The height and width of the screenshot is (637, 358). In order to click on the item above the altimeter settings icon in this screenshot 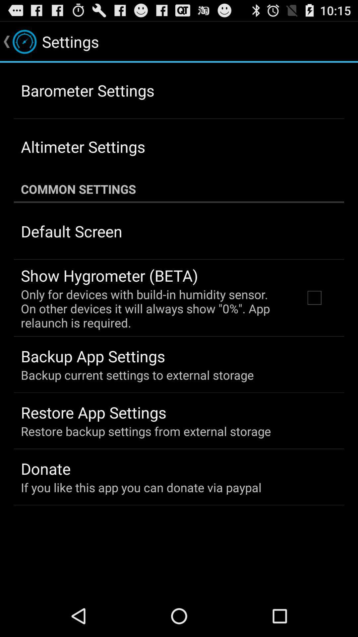, I will do `click(87, 90)`.